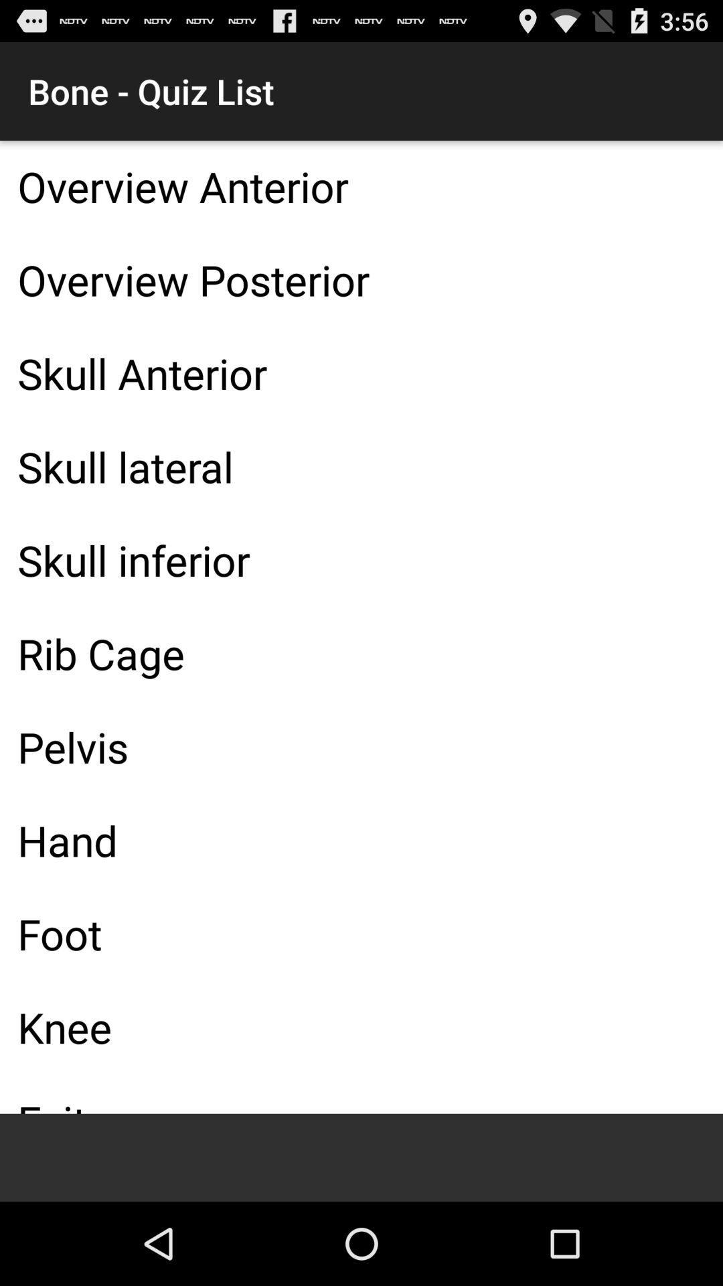 This screenshot has width=723, height=1286. I want to click on the skull lateral, so click(361, 466).